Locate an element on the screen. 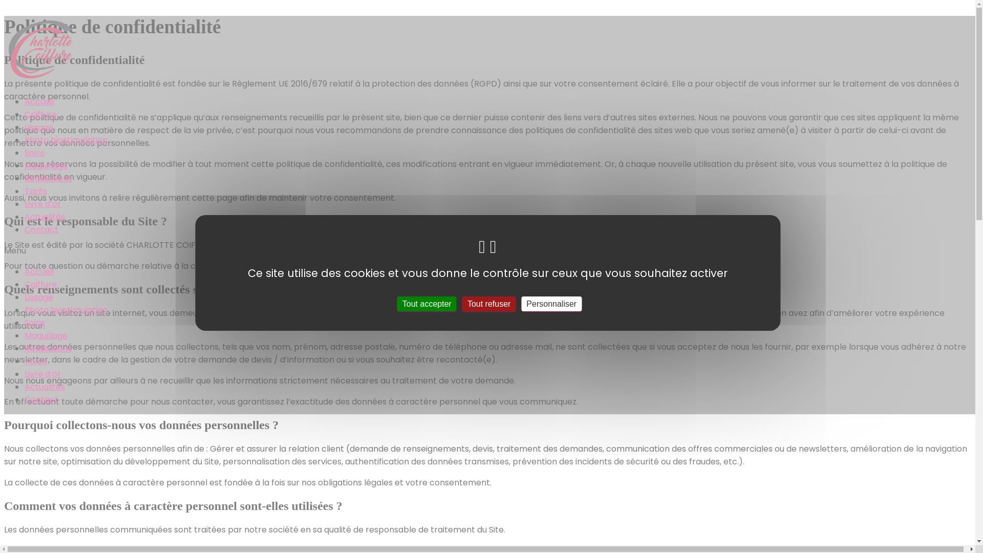 This screenshot has height=553, width=983. 'Tout accepter' is located at coordinates (427, 303).